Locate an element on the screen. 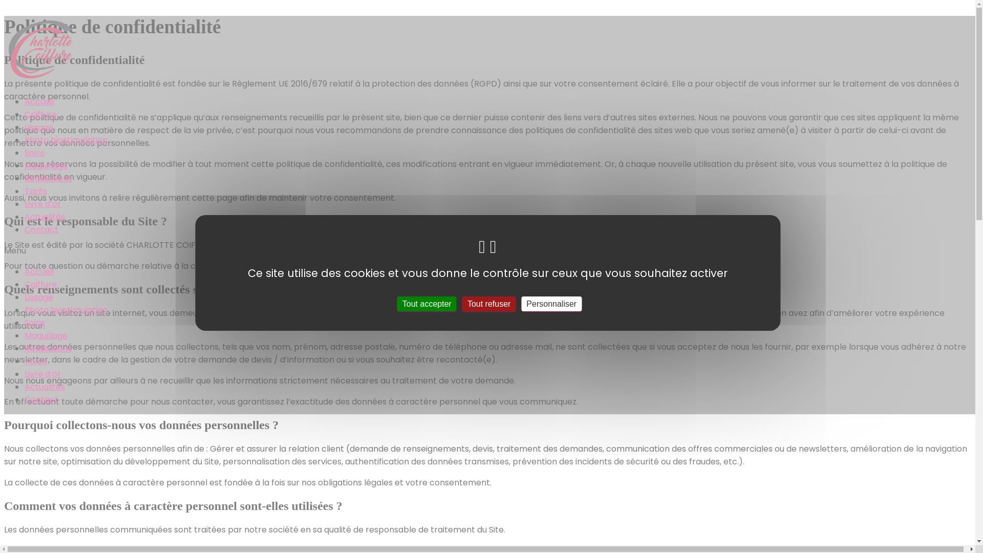 This screenshot has height=553, width=983. 'Tout accepter' is located at coordinates (427, 303).